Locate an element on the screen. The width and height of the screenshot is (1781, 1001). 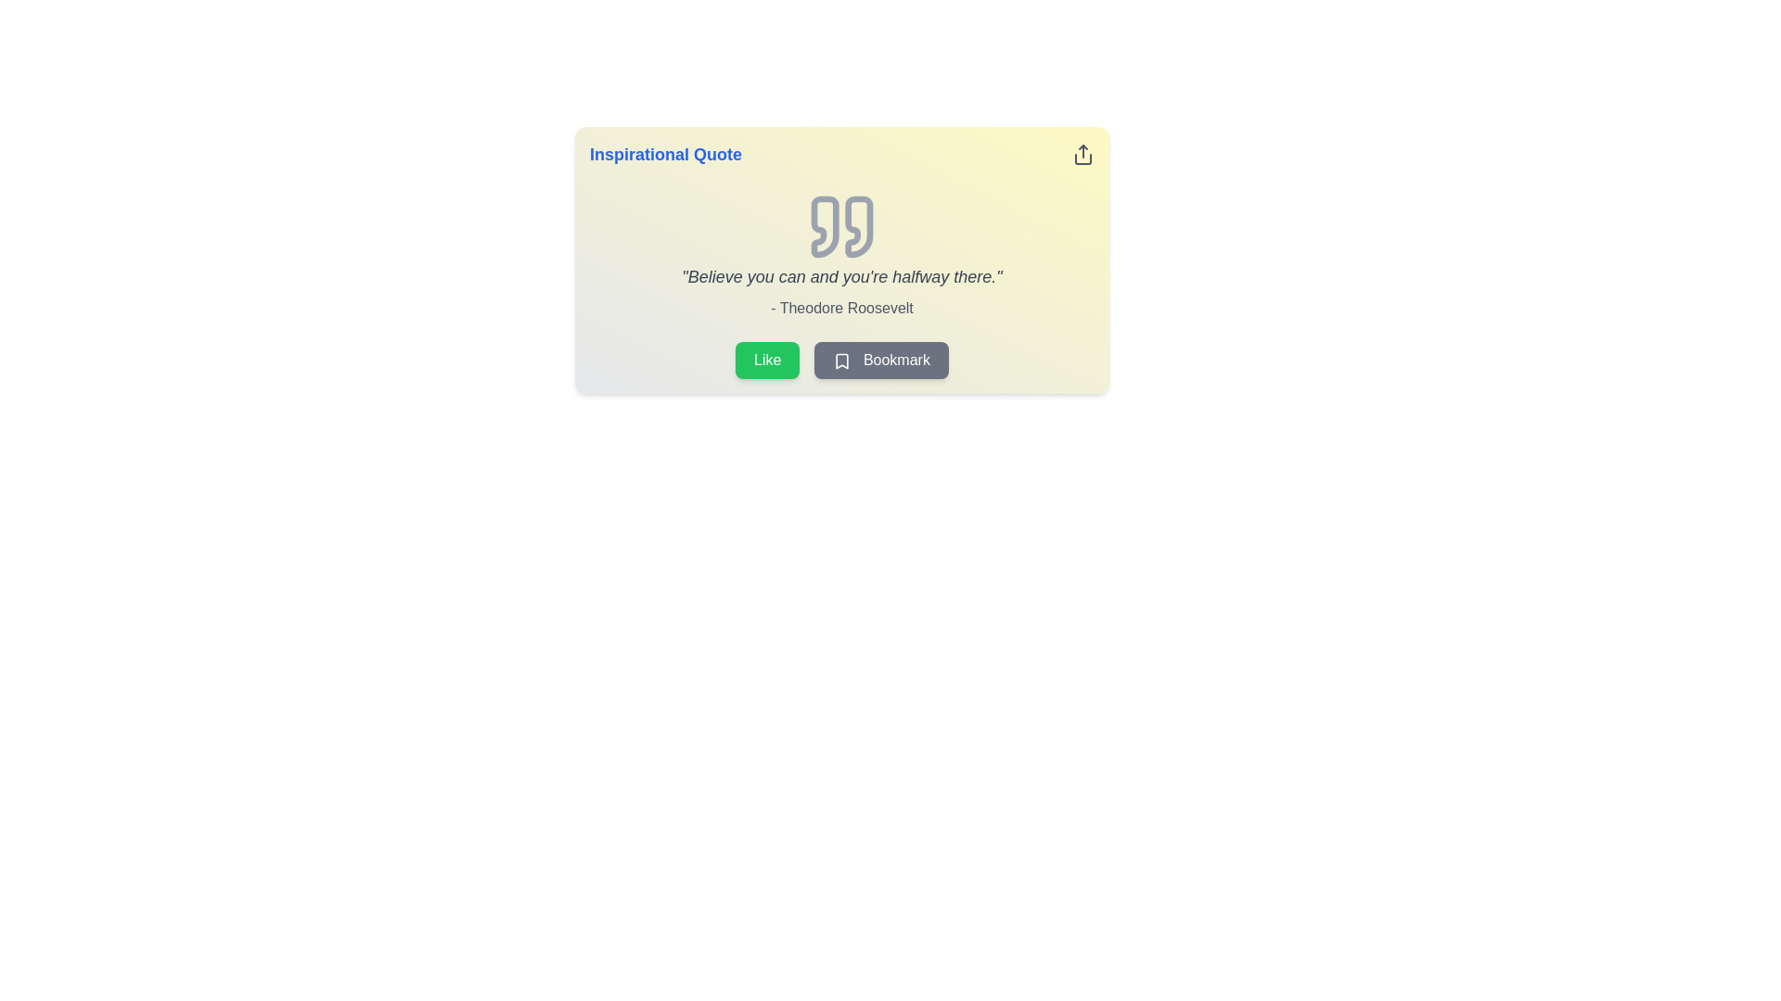
the green rectangular 'Like' button with rounded corners to trigger its hover scaling animation is located at coordinates (767, 361).